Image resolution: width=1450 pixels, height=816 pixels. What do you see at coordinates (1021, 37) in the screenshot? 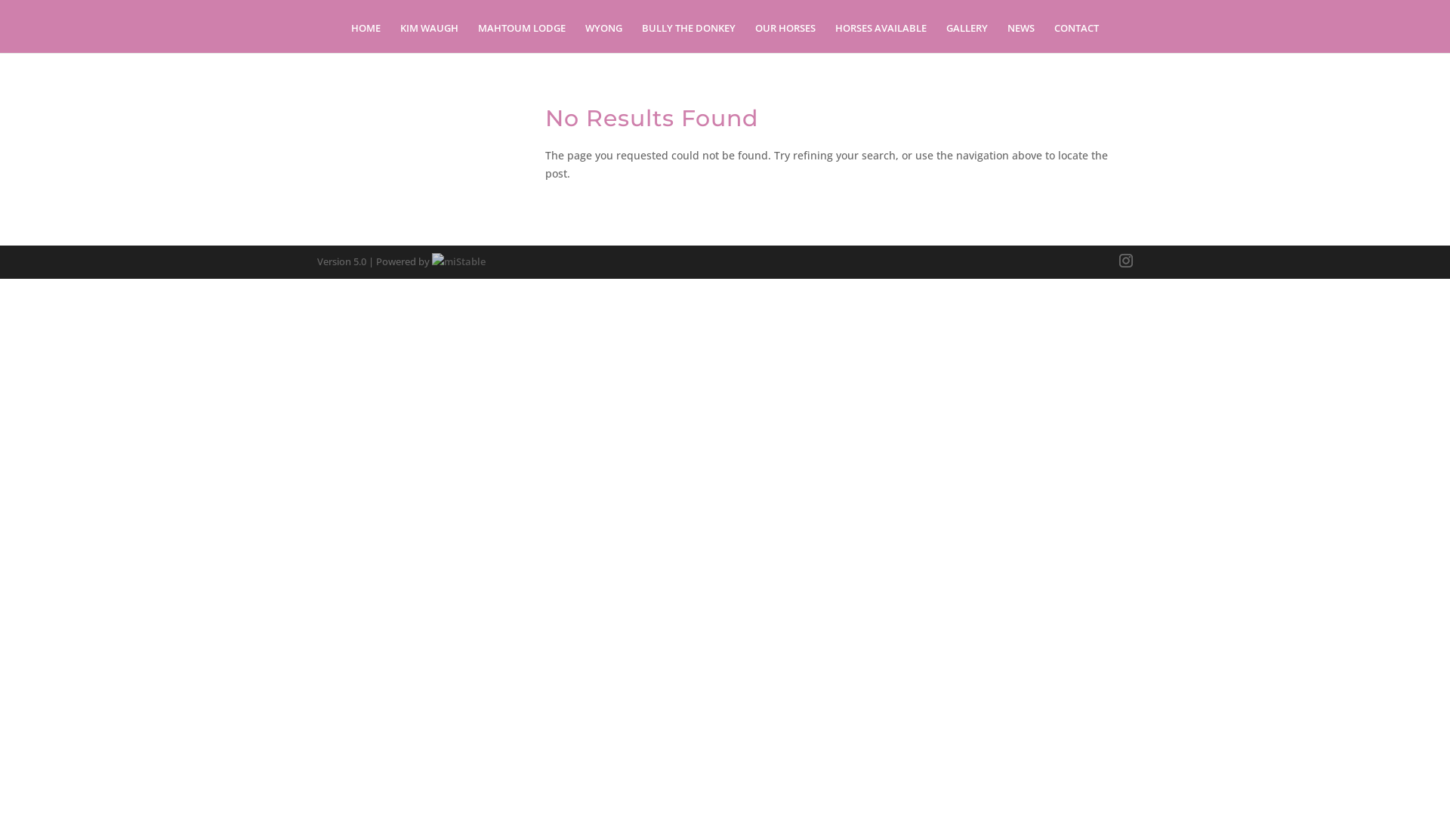
I see `'NEWS'` at bounding box center [1021, 37].